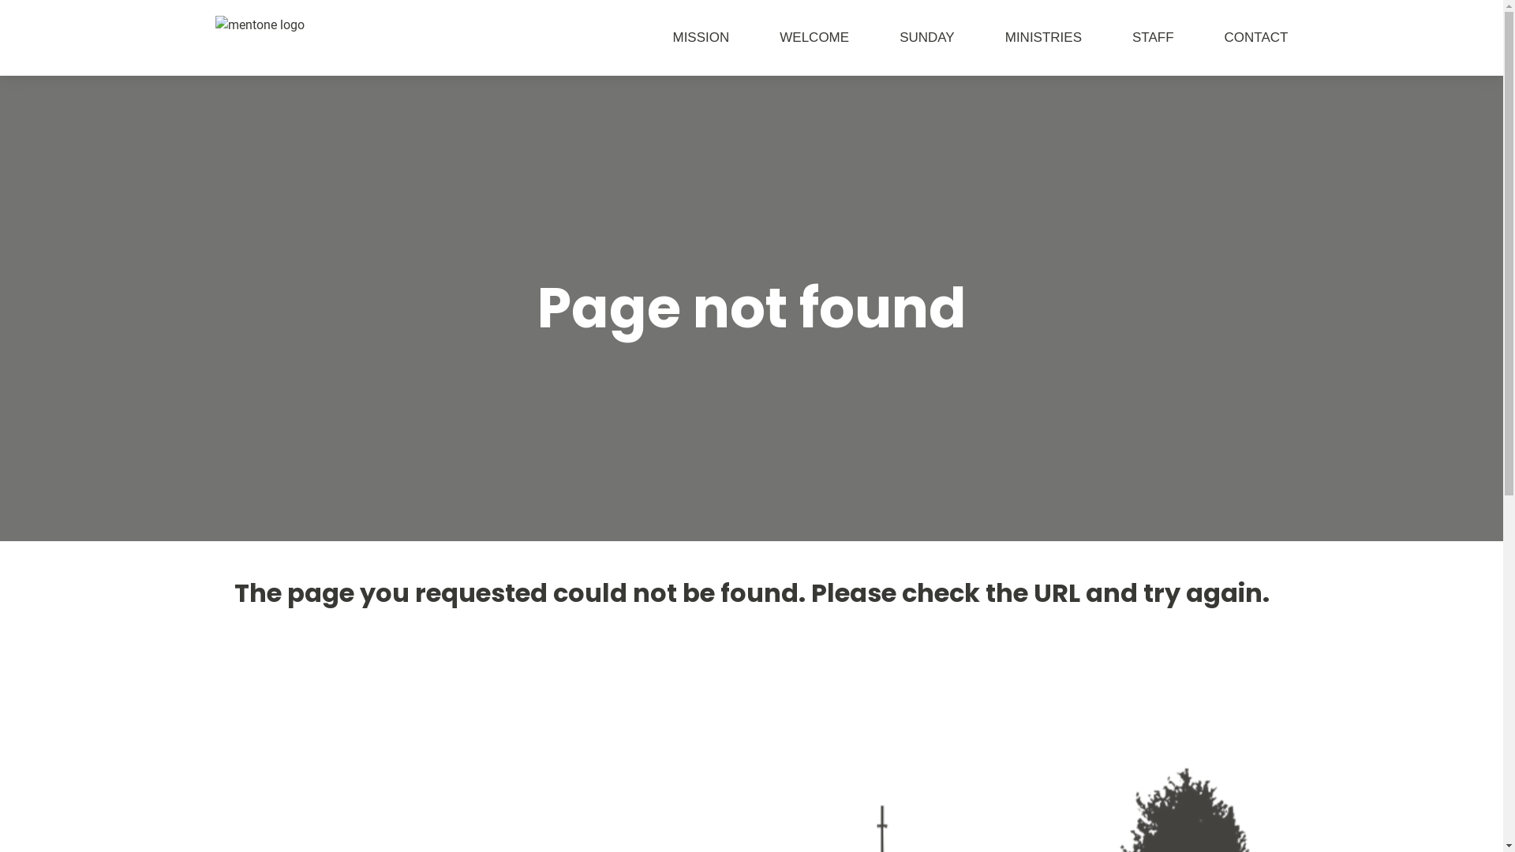 The width and height of the screenshot is (1515, 852). I want to click on 'CONTACT', so click(1230, 36).